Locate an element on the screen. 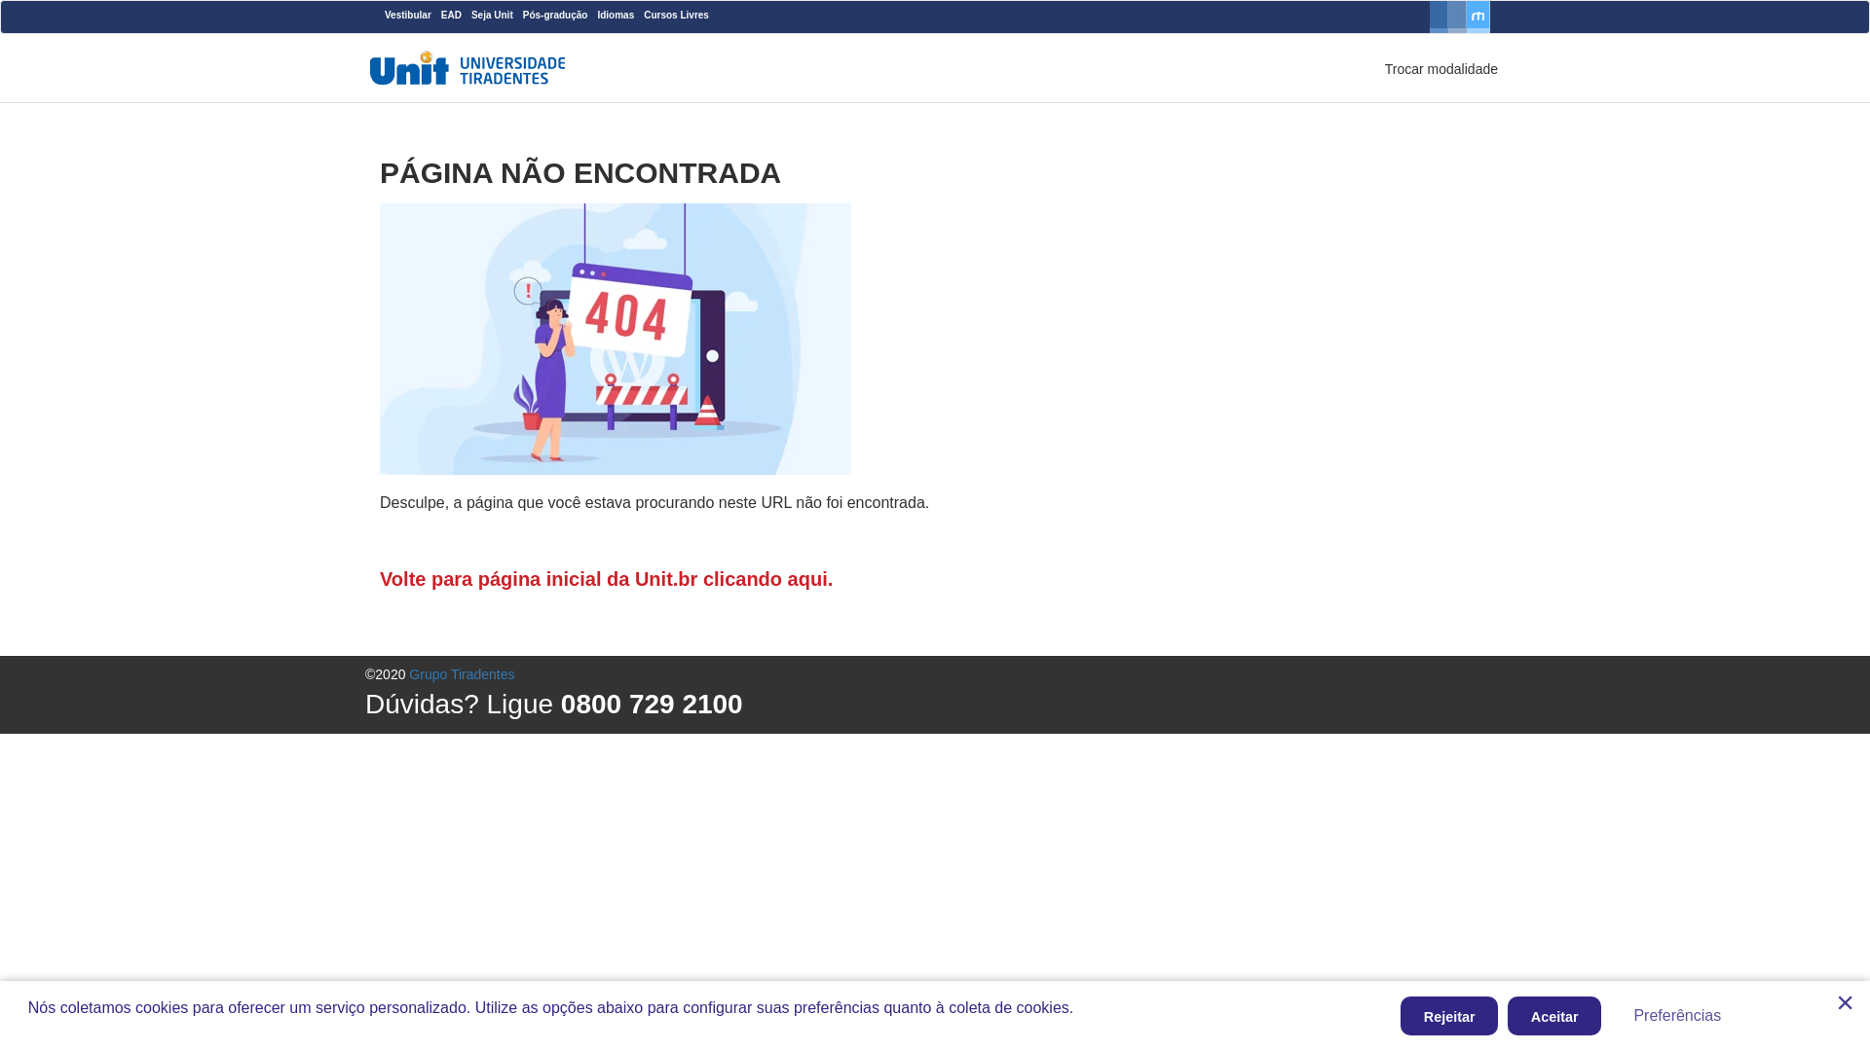 The width and height of the screenshot is (1870, 1051). 'Seja Unit' is located at coordinates (492, 15).